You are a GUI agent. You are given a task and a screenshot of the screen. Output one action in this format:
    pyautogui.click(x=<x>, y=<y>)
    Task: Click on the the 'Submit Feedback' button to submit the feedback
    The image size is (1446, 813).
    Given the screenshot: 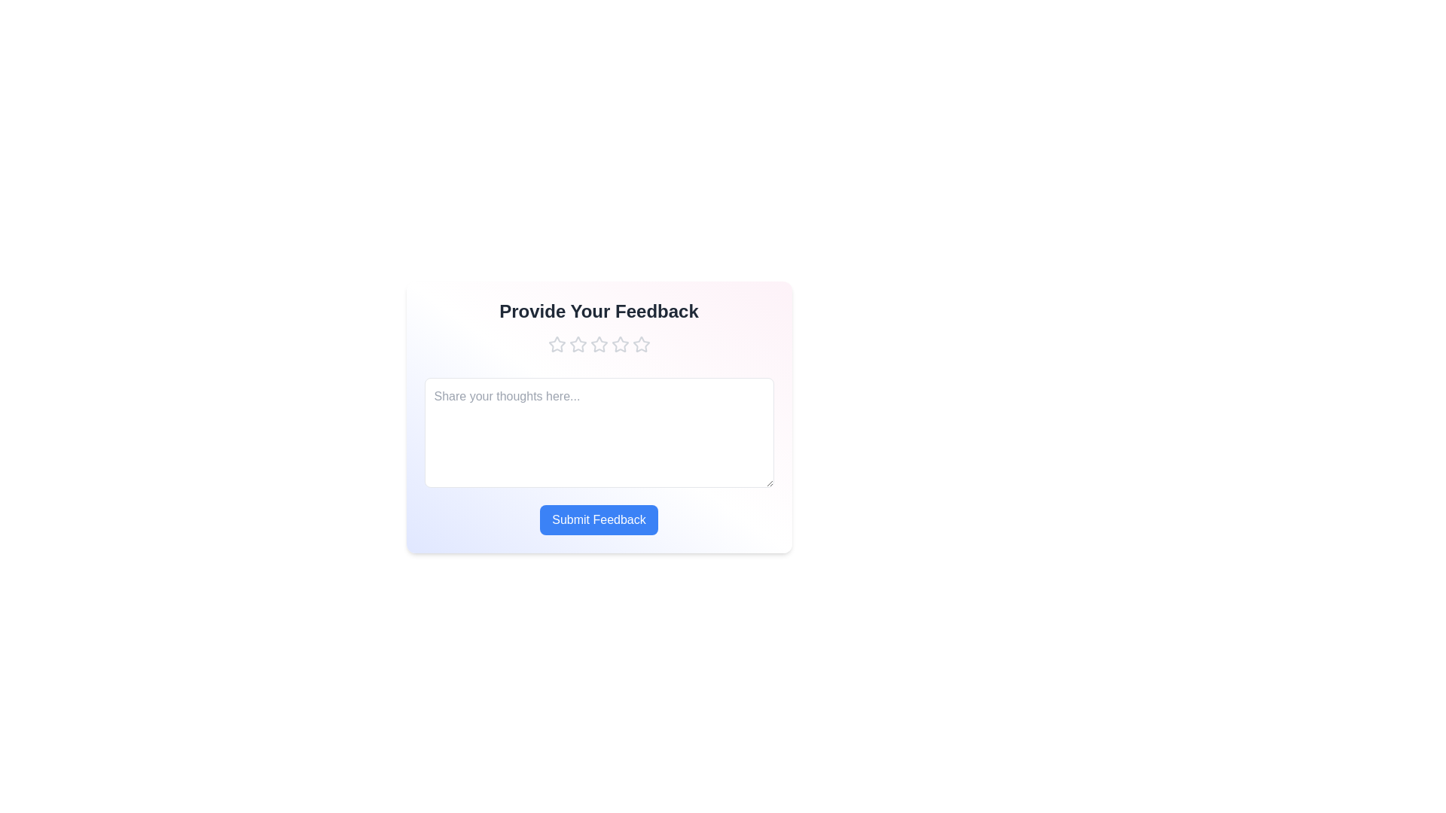 What is the action you would take?
    pyautogui.click(x=598, y=519)
    